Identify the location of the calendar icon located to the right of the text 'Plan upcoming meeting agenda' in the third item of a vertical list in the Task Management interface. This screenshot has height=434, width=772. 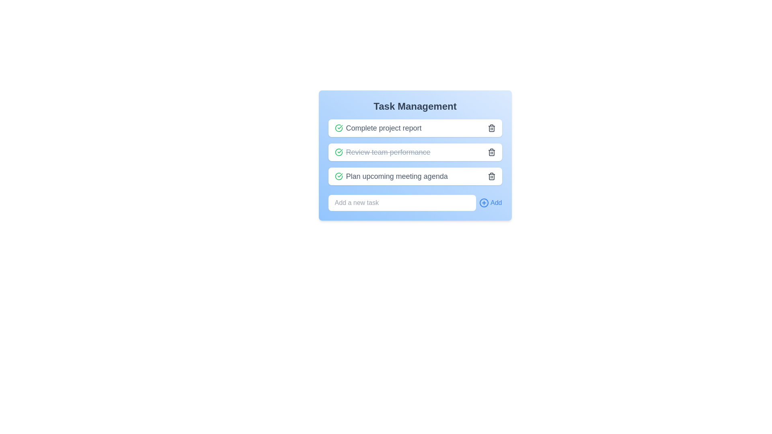
(491, 176).